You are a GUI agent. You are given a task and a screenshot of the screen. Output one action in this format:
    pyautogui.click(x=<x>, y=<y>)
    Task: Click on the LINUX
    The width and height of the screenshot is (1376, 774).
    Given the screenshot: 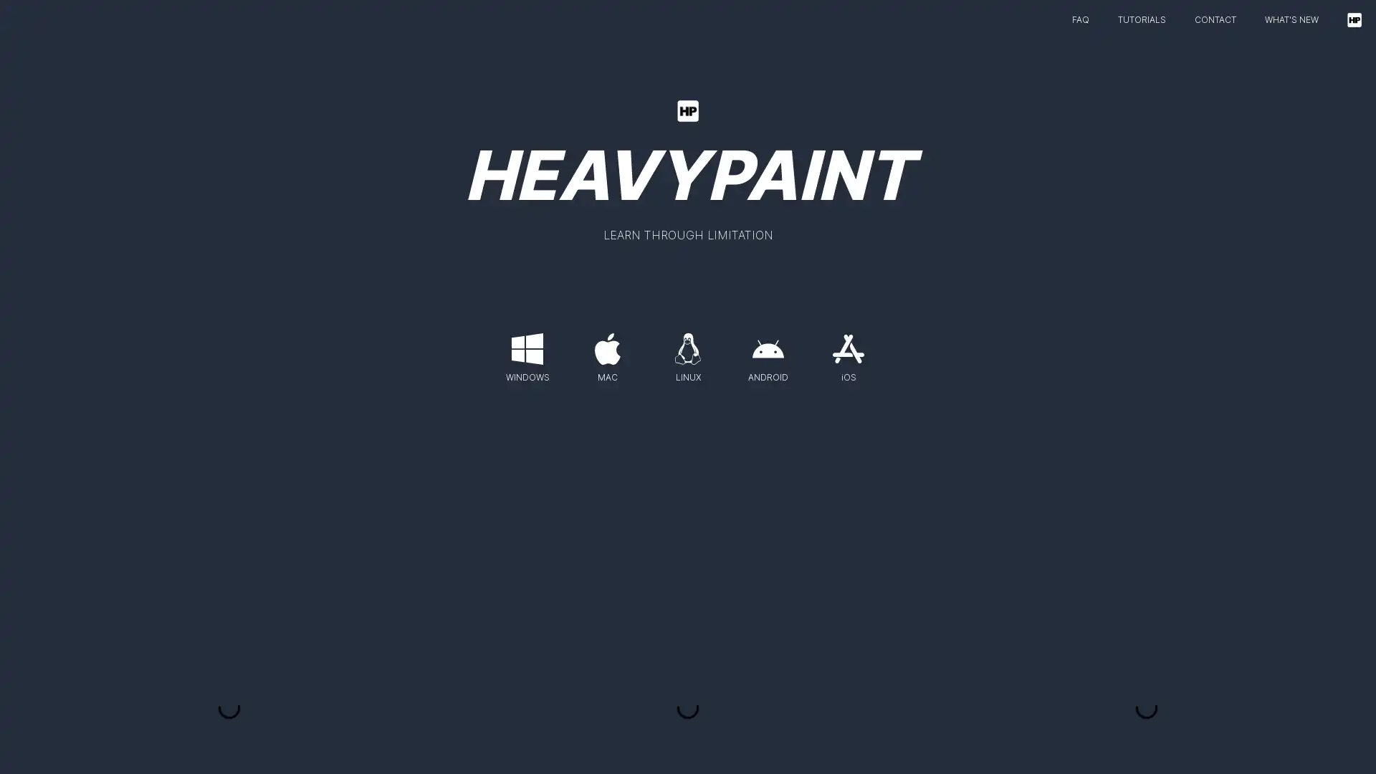 What is the action you would take?
    pyautogui.click(x=688, y=353)
    